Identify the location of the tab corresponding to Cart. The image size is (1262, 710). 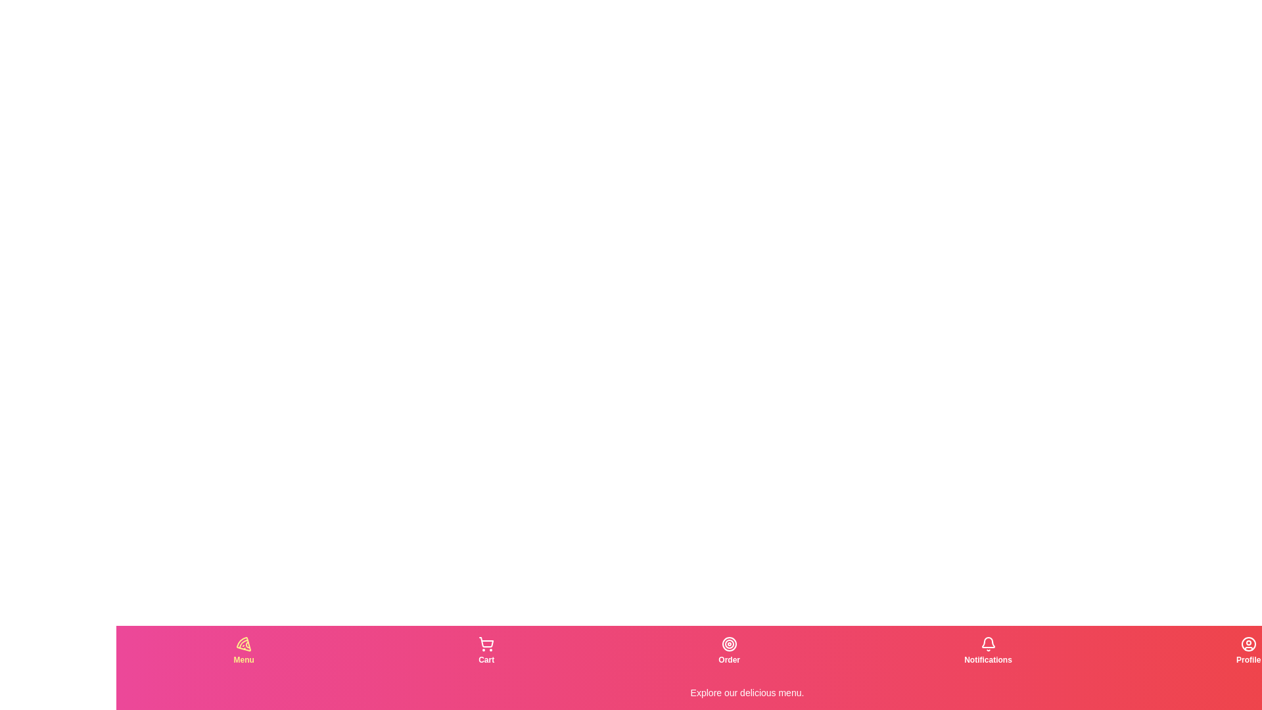
(485, 651).